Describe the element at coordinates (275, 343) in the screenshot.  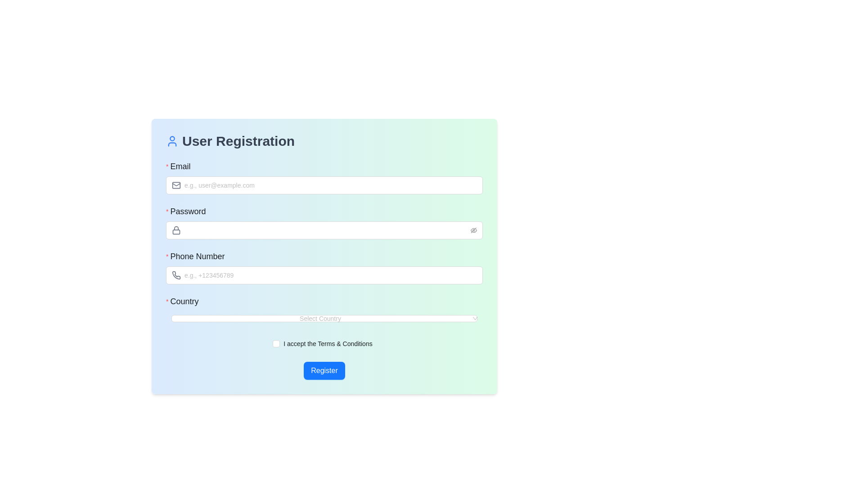
I see `the checkbox that allows users to acknowledge or agree to the terms and conditions of the service before registering` at that location.